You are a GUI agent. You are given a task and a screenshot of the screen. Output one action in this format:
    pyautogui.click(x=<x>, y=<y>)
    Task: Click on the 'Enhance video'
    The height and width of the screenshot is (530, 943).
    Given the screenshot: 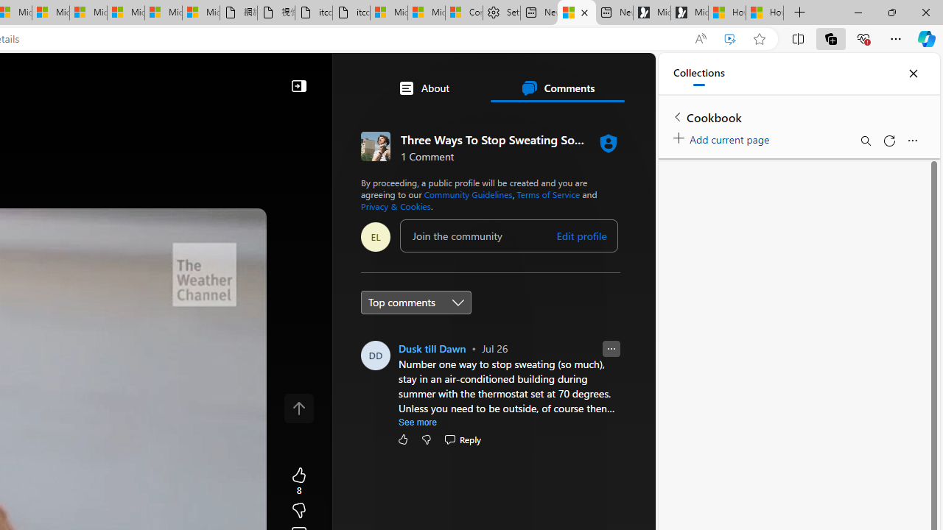 What is the action you would take?
    pyautogui.click(x=730, y=38)
    